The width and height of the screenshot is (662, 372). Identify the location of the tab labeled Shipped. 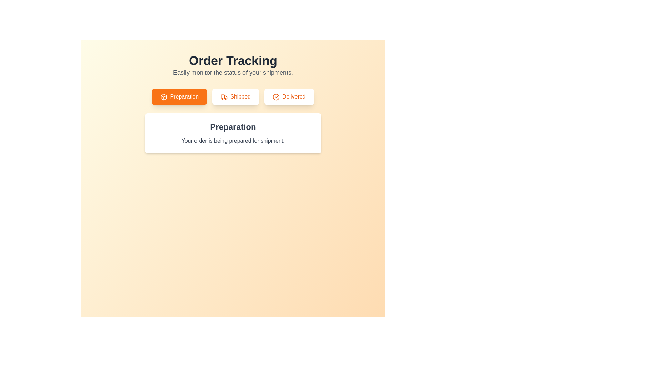
(235, 97).